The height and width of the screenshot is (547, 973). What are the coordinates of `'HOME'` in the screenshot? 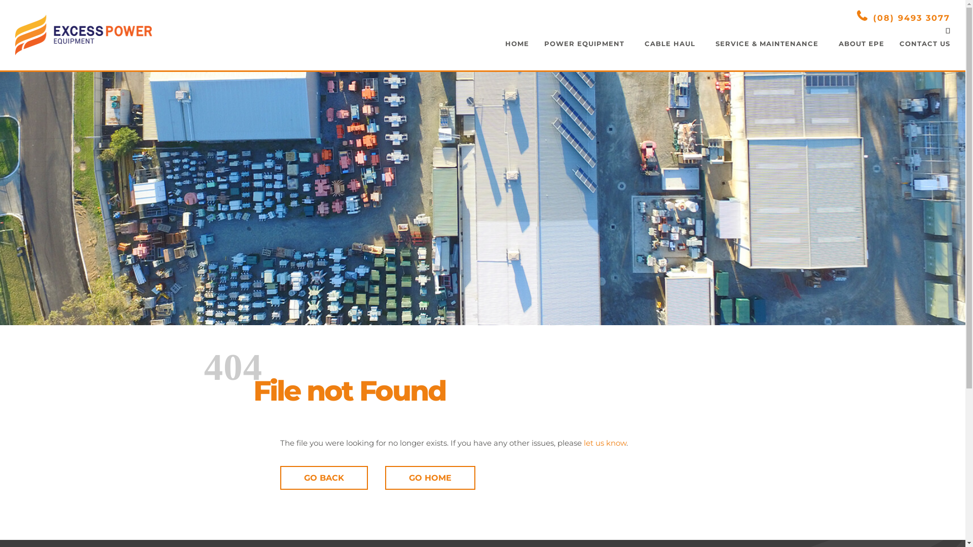 It's located at (514, 54).